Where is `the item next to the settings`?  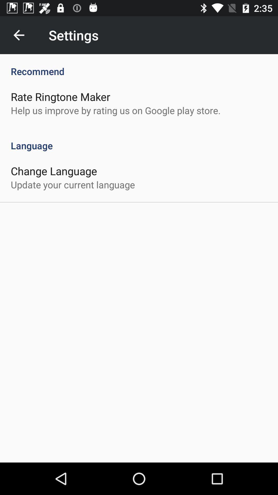
the item next to the settings is located at coordinates (19, 35).